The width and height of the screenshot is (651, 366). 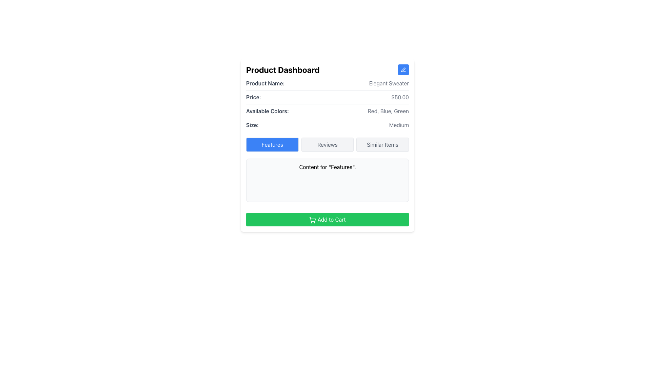 I want to click on the blue rectangular button labeled 'Features', so click(x=272, y=144).